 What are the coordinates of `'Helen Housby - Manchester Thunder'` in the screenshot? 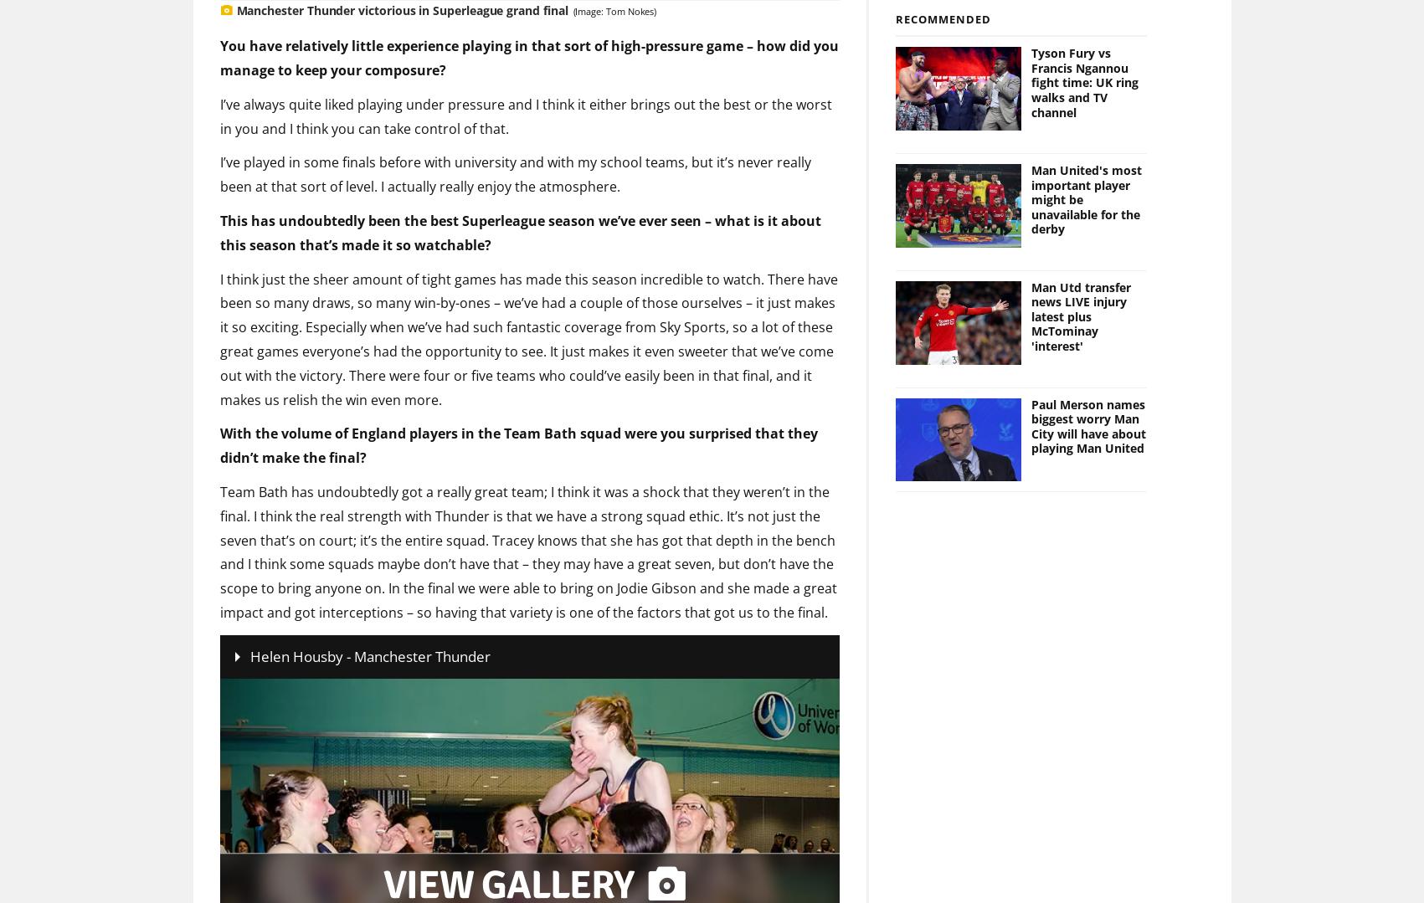 It's located at (368, 628).